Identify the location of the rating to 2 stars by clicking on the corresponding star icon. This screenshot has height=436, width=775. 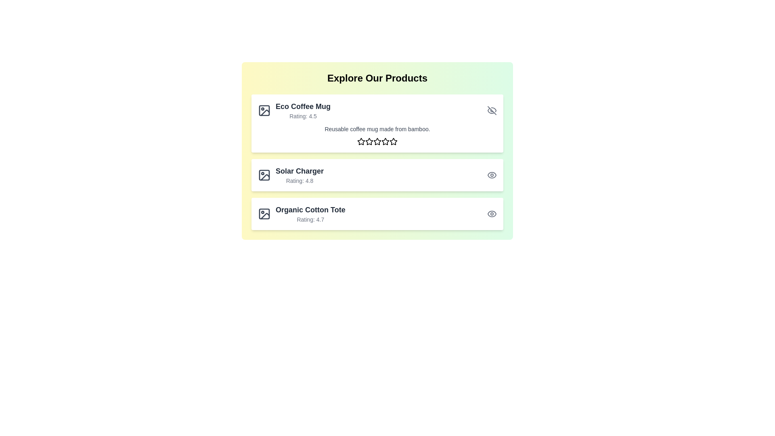
(369, 141).